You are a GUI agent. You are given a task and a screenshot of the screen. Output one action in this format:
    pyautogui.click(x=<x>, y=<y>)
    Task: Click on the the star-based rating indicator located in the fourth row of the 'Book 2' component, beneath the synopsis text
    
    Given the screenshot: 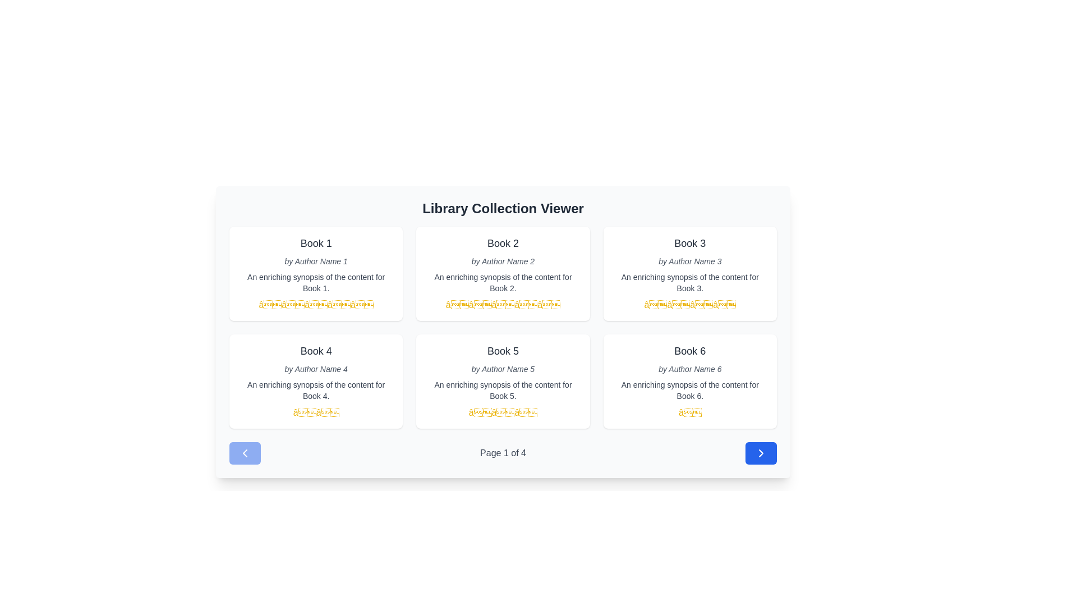 What is the action you would take?
    pyautogui.click(x=503, y=305)
    